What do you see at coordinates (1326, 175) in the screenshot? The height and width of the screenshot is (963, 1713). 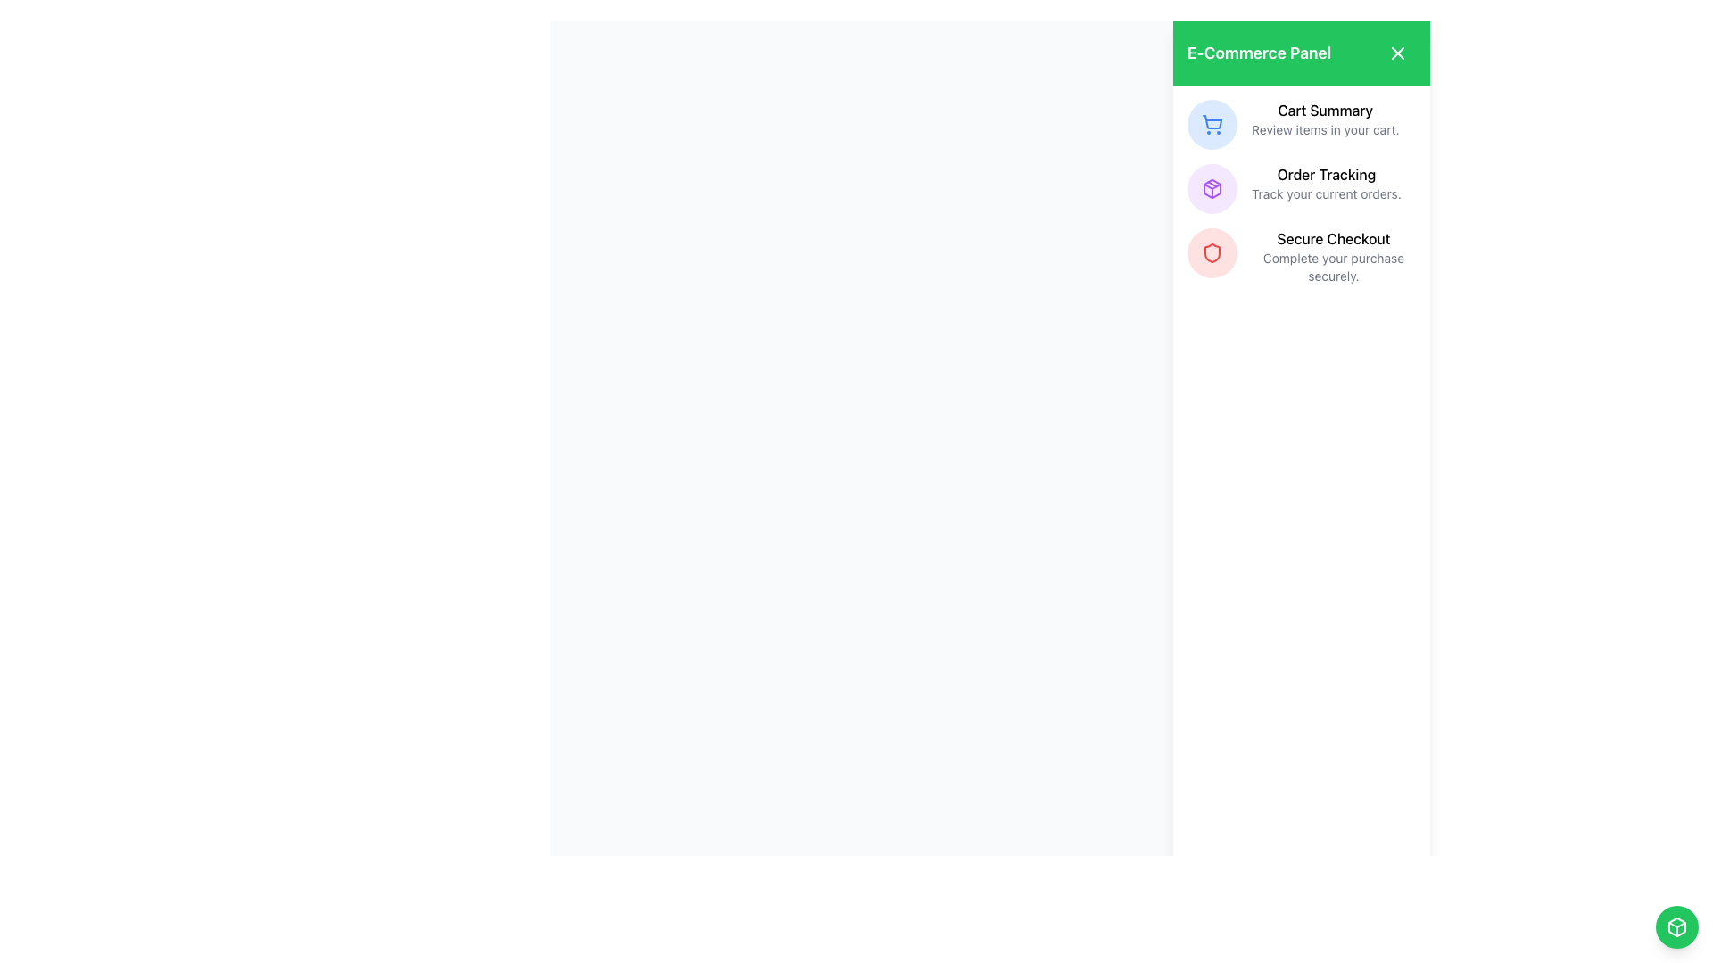 I see `the 'Order Tracking' text label, which is the second item in the sidebar navigation options, displayed in a bold font above its description text` at bounding box center [1326, 175].